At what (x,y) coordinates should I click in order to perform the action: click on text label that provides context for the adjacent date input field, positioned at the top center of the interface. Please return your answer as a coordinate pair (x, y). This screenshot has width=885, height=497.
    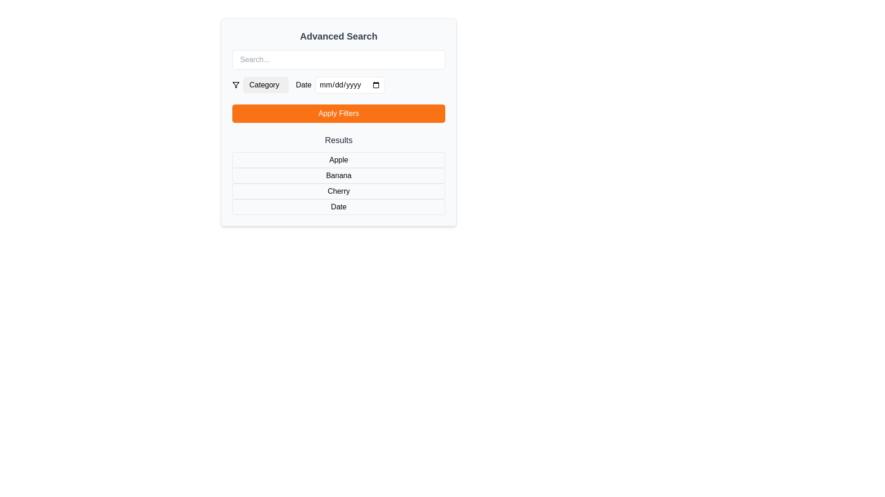
    Looking at the image, I should click on (340, 85).